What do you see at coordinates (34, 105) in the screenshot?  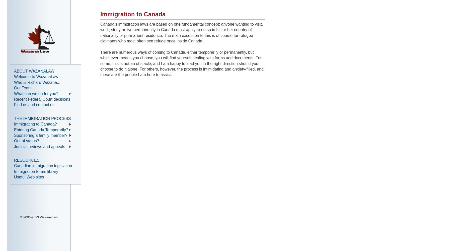 I see `'Find us and contact us'` at bounding box center [34, 105].